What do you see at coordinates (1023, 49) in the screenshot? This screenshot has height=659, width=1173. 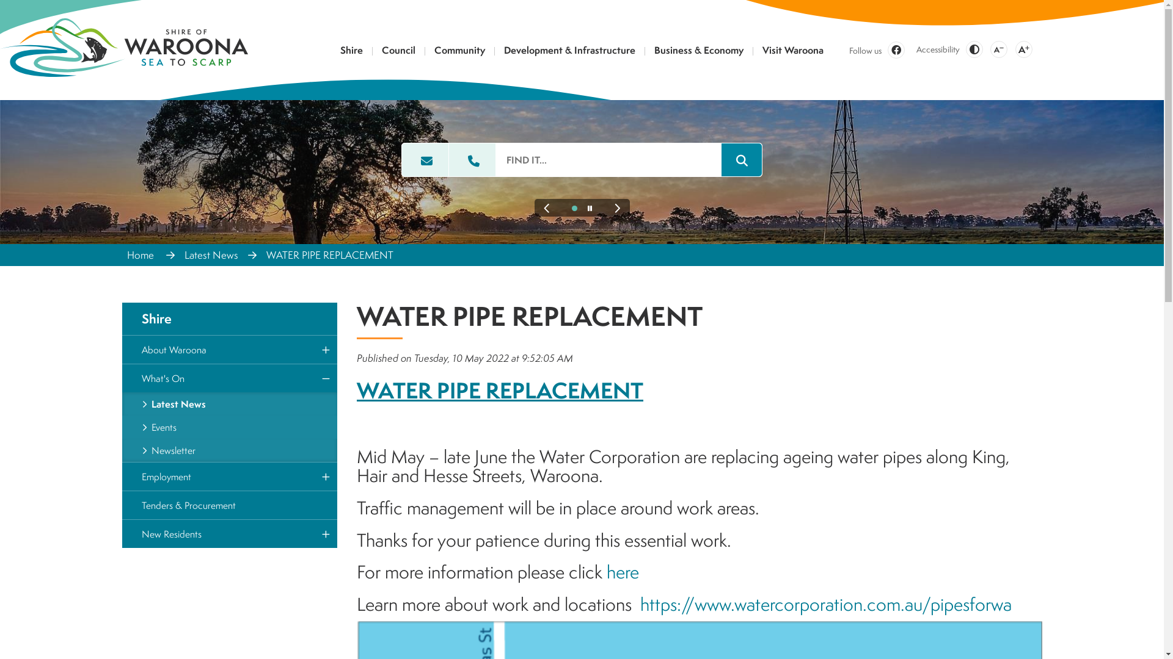 I see `'A'` at bounding box center [1023, 49].